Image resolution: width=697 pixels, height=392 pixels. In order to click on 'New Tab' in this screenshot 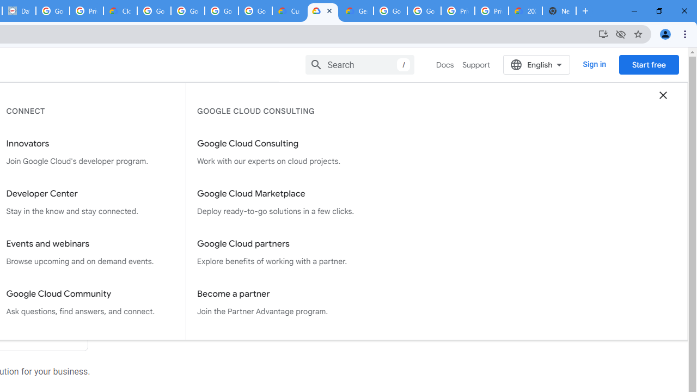, I will do `click(559, 11)`.